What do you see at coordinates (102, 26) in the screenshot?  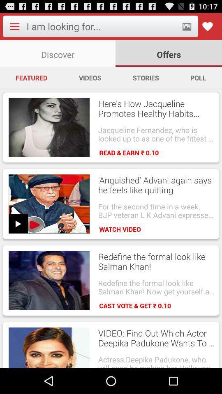 I see `search textnox` at bounding box center [102, 26].